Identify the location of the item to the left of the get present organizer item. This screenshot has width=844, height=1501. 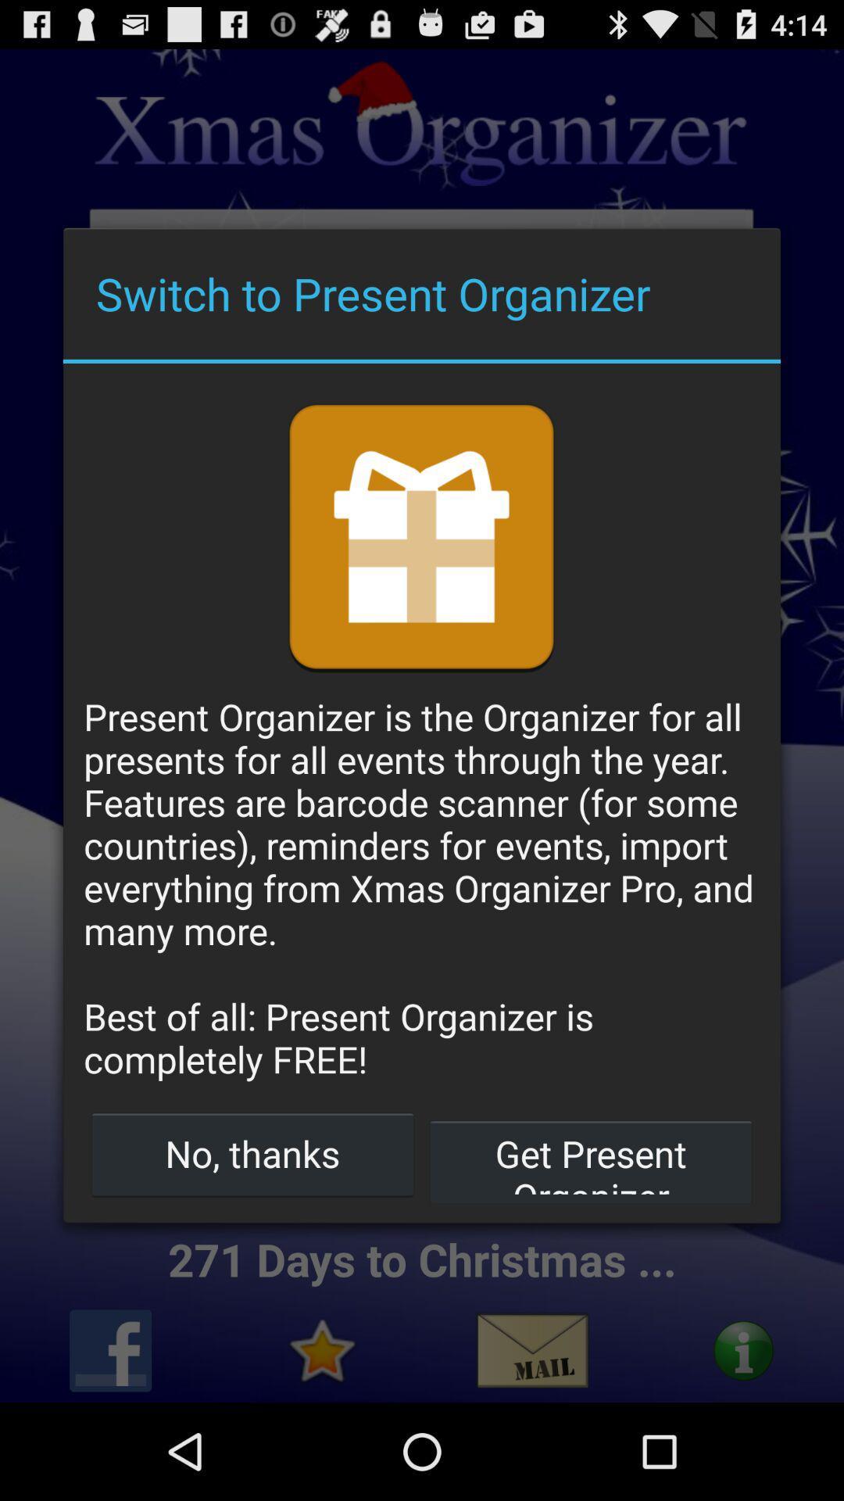
(252, 1153).